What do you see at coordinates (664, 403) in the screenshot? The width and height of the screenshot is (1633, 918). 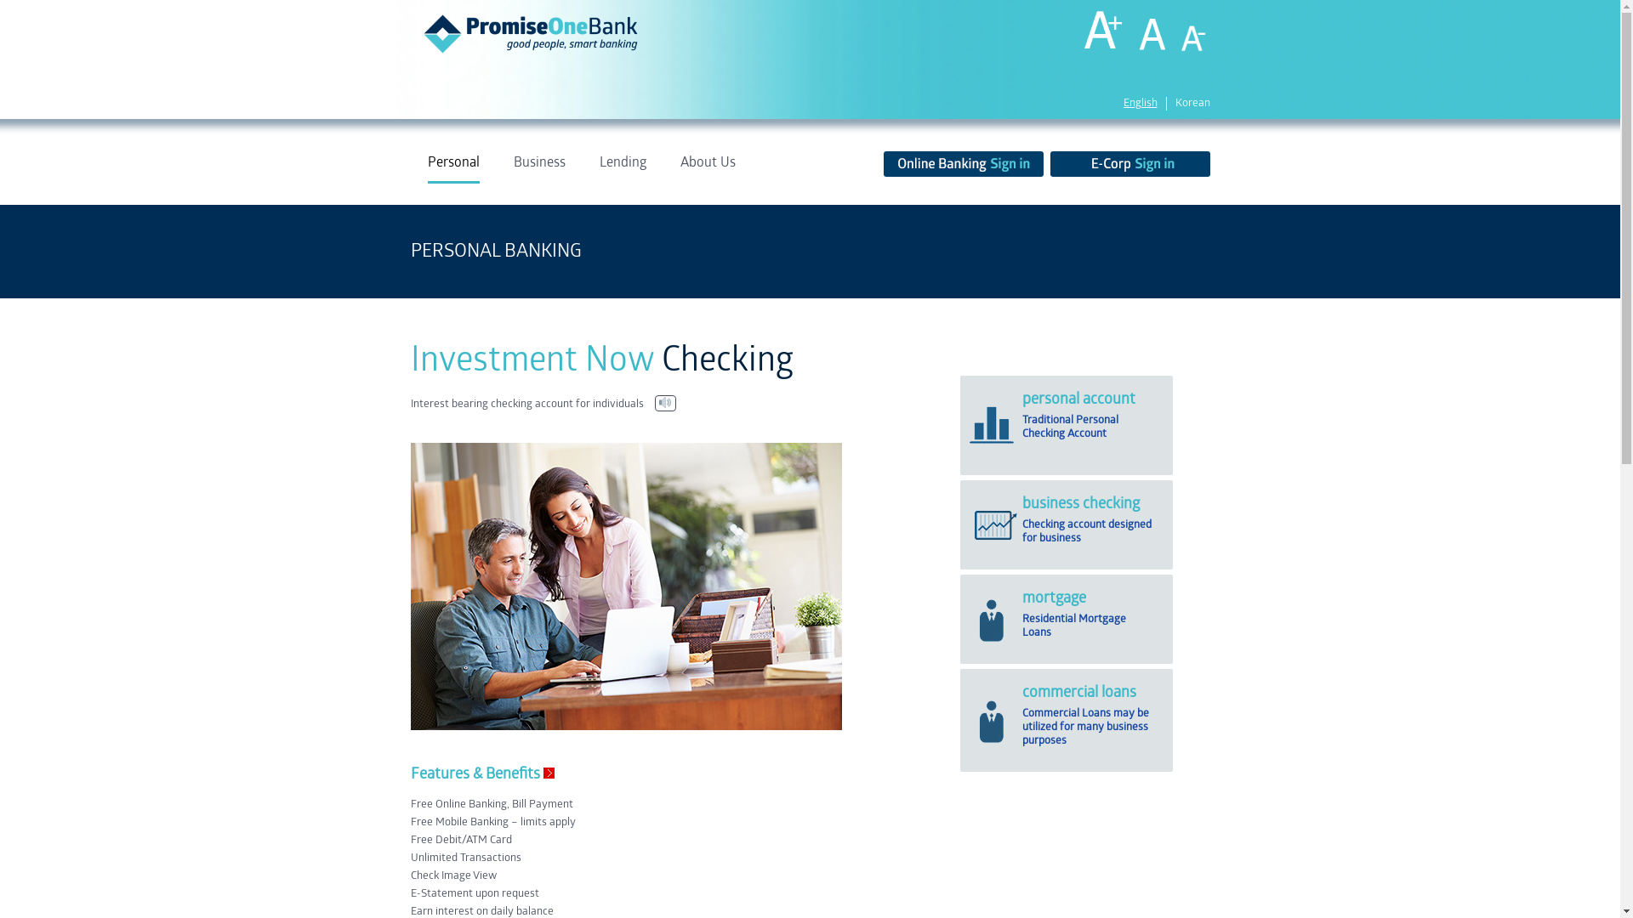 I see `'ResponsiveVoice Tap to Start/Stop Speech'` at bounding box center [664, 403].